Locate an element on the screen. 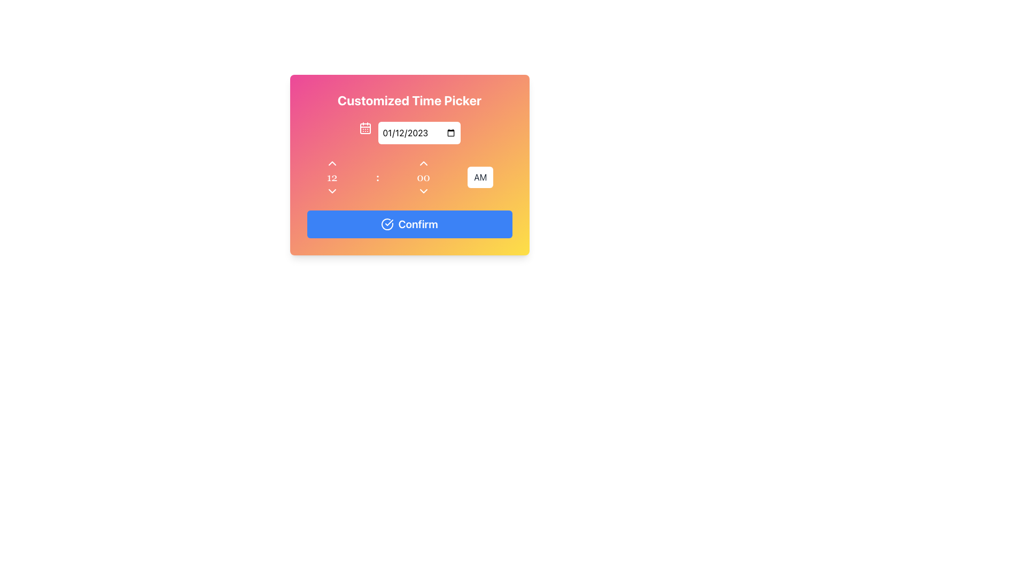  the upward and downward arrows in the segmented time picker control to adjust the minutes value is located at coordinates (423, 176).